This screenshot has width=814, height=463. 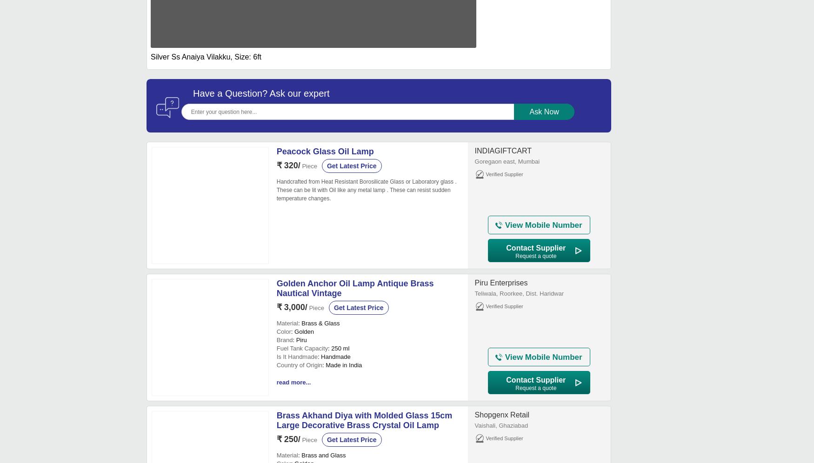 I want to click on ':  Made in India', so click(x=342, y=365).